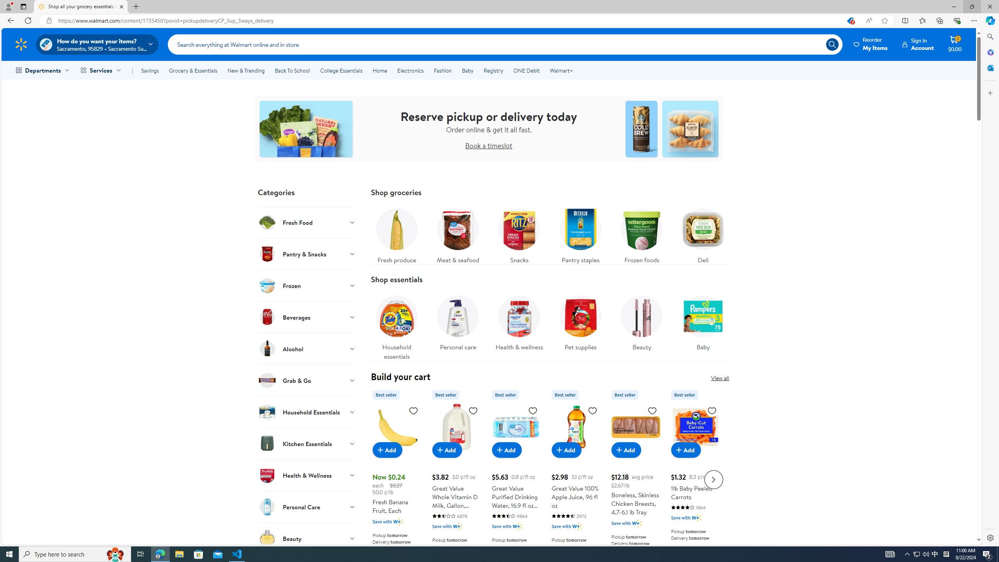  I want to click on 'Kitchen Essentials', so click(306, 443).